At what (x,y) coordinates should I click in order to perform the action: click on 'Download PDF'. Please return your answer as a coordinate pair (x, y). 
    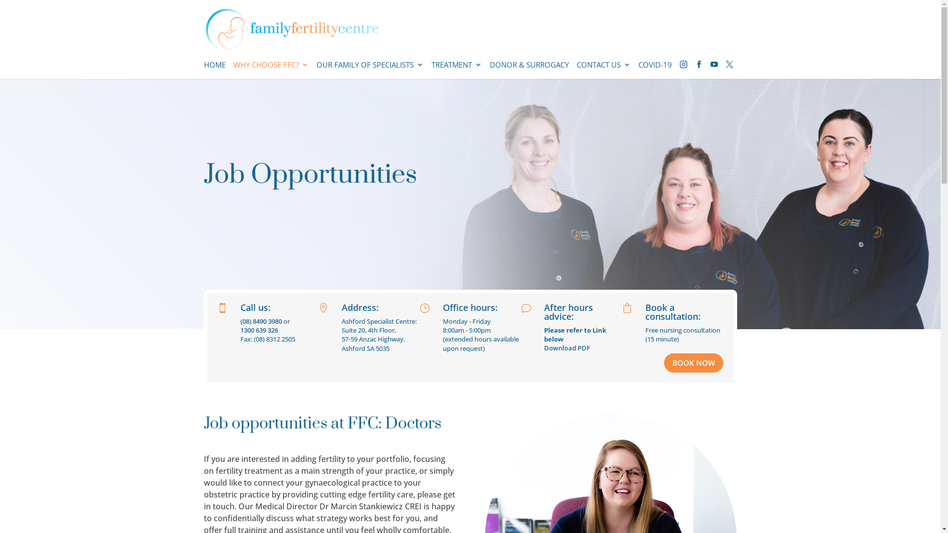
    Looking at the image, I should click on (567, 347).